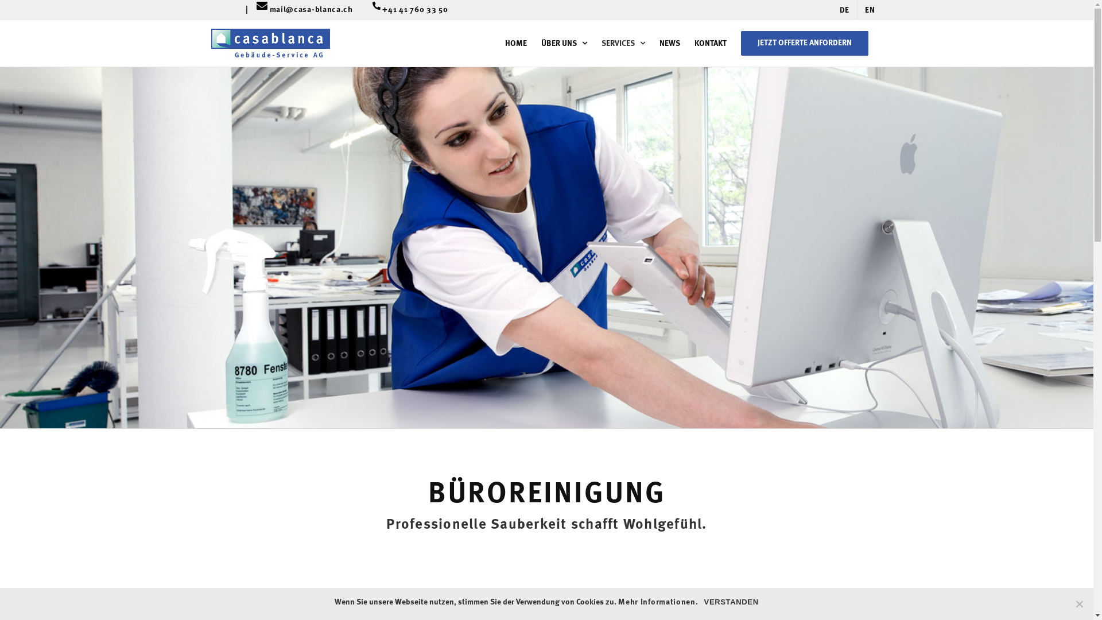 This screenshot has height=620, width=1102. Describe the element at coordinates (316, 10) in the screenshot. I see `'mail@casa-blanca.ch'` at that location.